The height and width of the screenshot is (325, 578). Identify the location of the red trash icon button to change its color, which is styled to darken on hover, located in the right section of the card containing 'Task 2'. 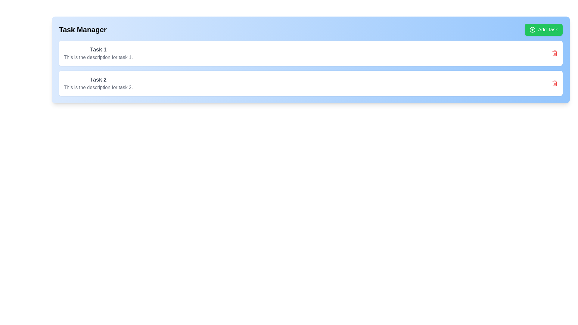
(555, 83).